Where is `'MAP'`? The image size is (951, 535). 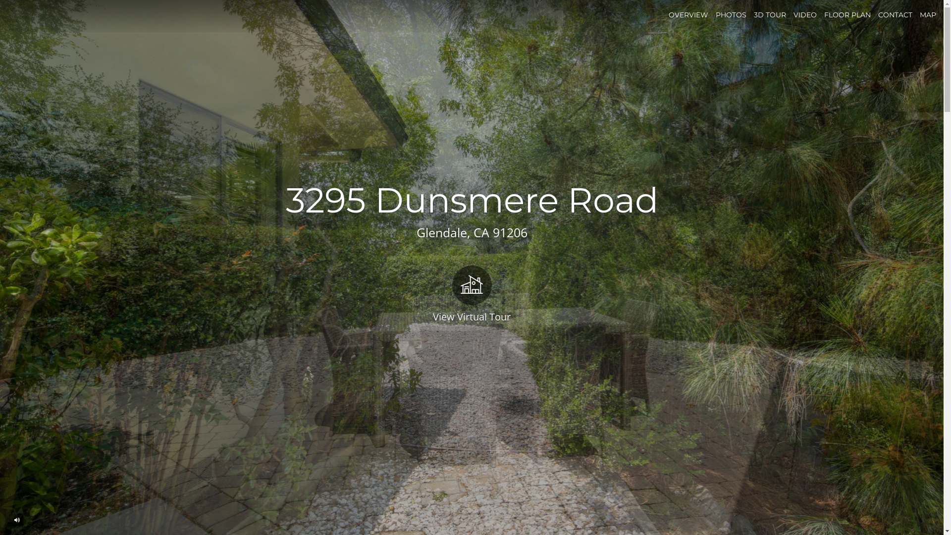
'MAP' is located at coordinates (927, 15).